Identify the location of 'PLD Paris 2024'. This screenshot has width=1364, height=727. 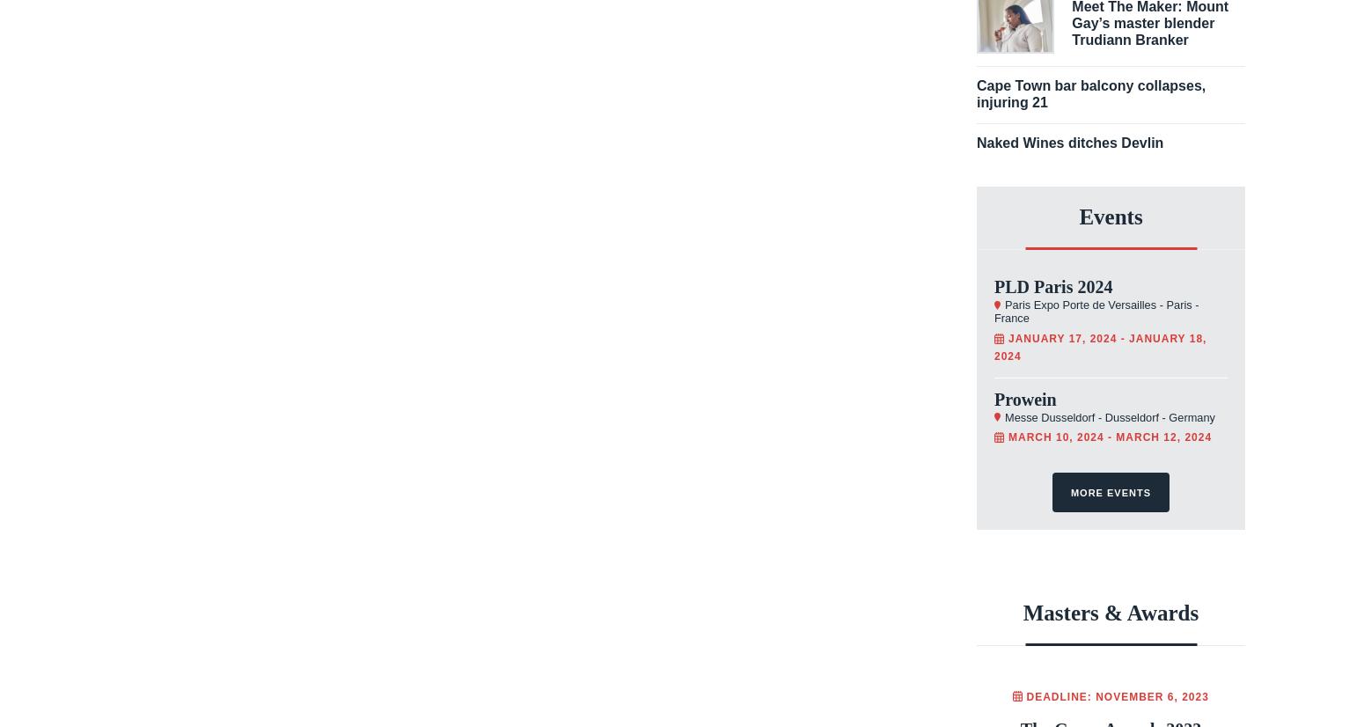
(993, 286).